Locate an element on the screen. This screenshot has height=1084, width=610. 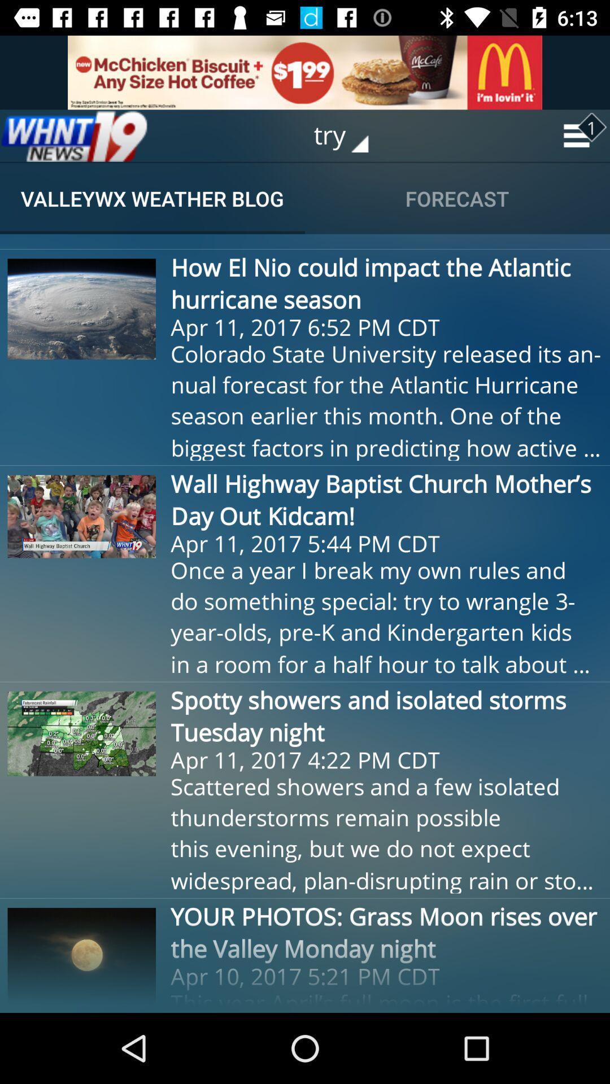
the item next to try is located at coordinates (74, 135).